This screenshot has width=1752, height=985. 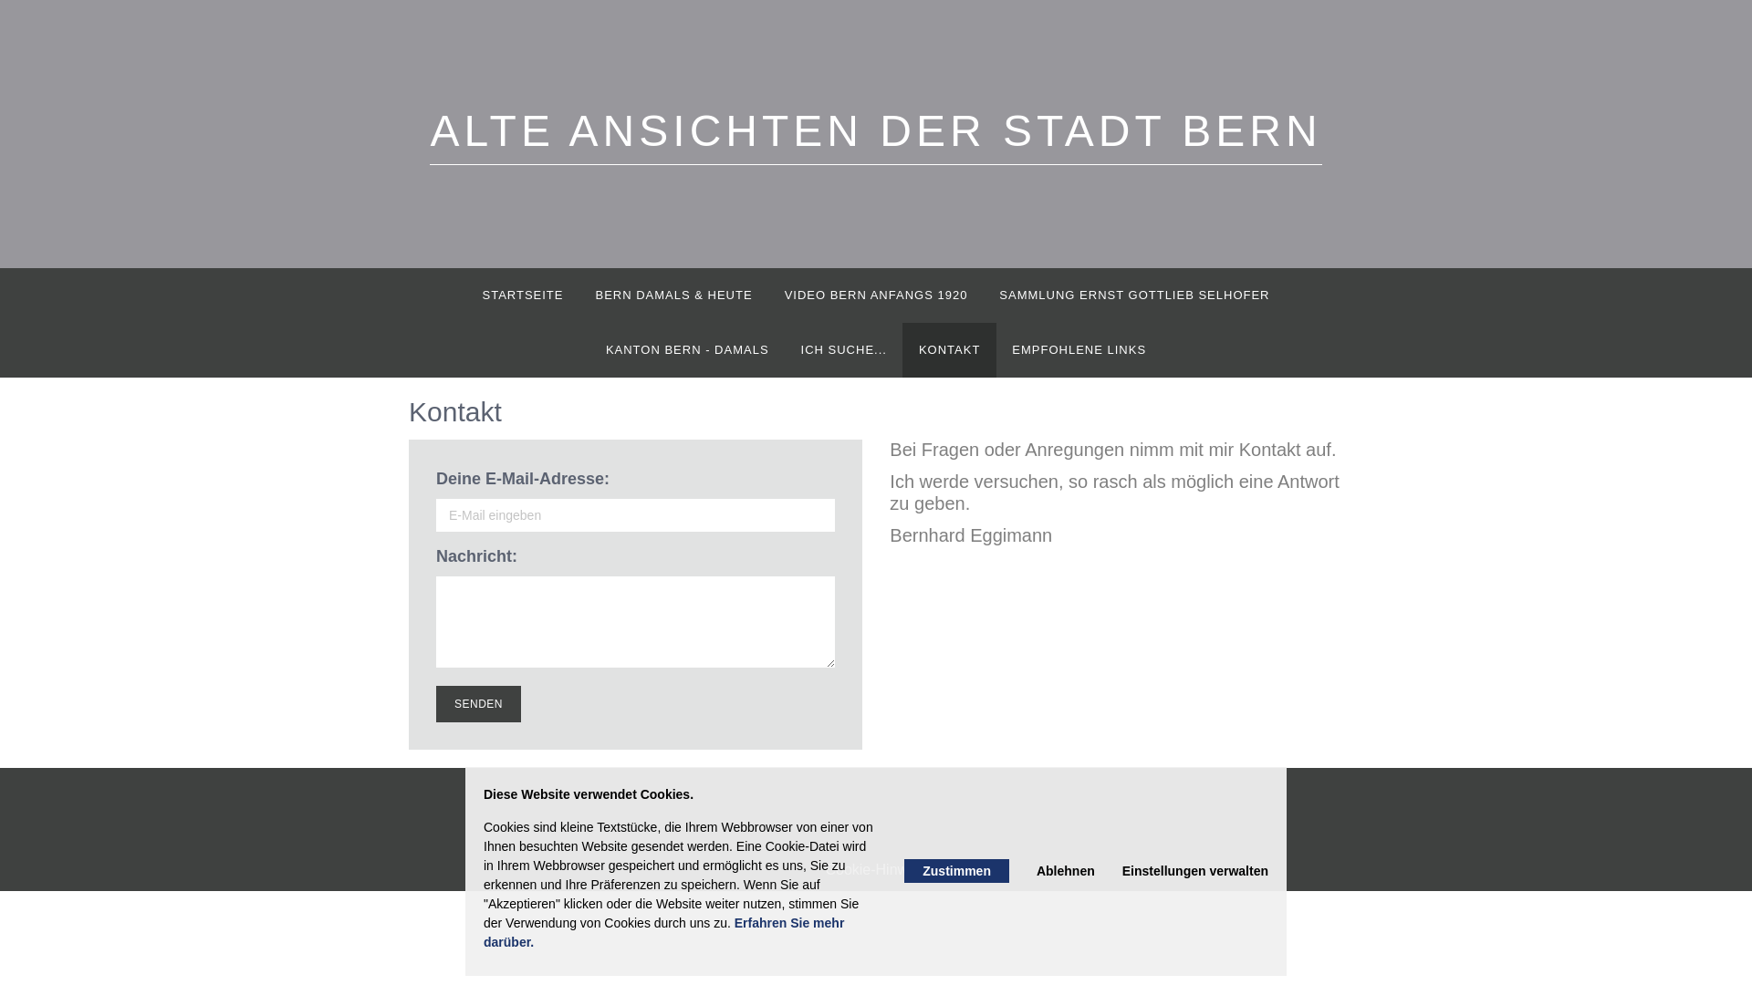 I want to click on 'Cookie-Hinweis', so click(x=874, y=868).